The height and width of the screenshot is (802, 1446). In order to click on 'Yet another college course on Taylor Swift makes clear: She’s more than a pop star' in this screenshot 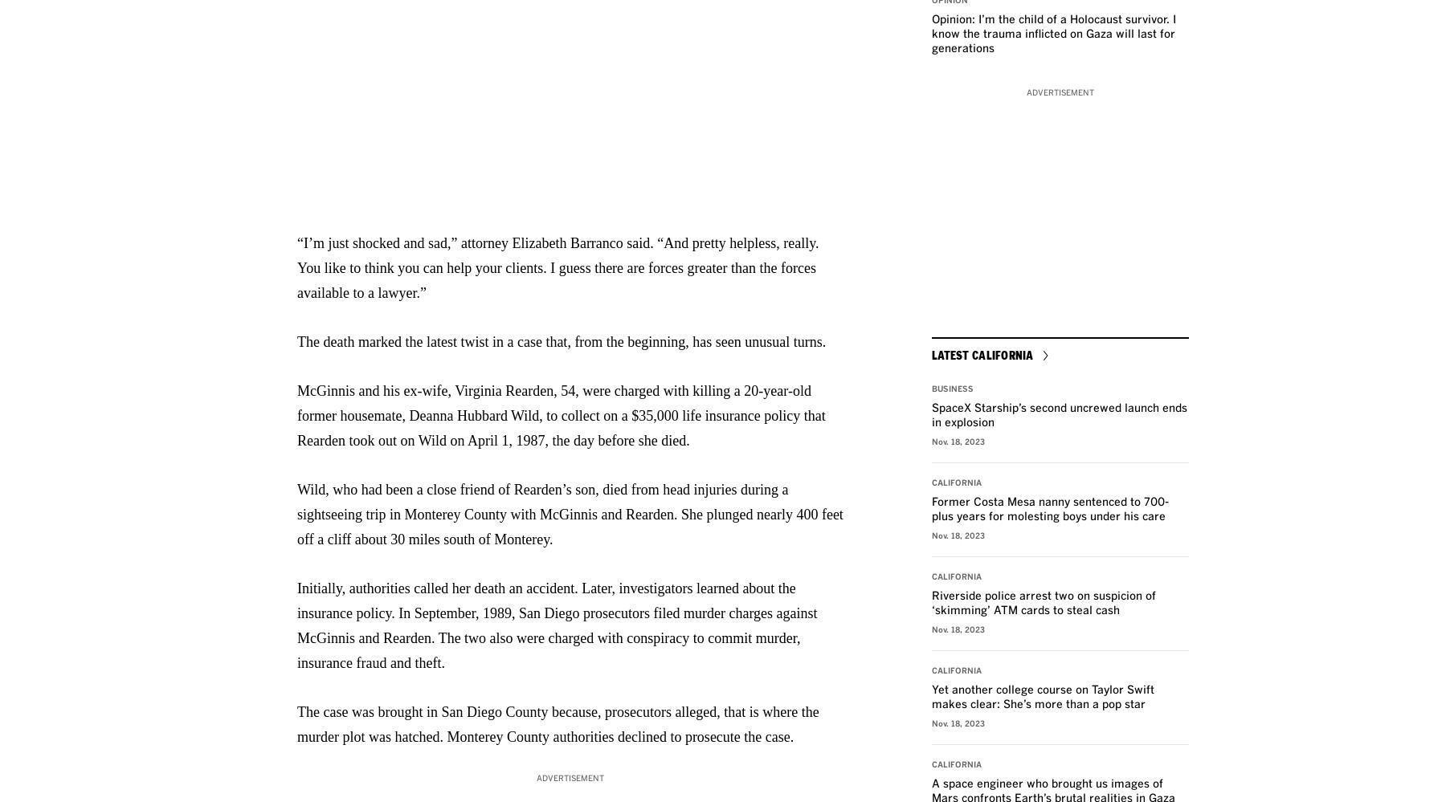, I will do `click(1043, 697)`.